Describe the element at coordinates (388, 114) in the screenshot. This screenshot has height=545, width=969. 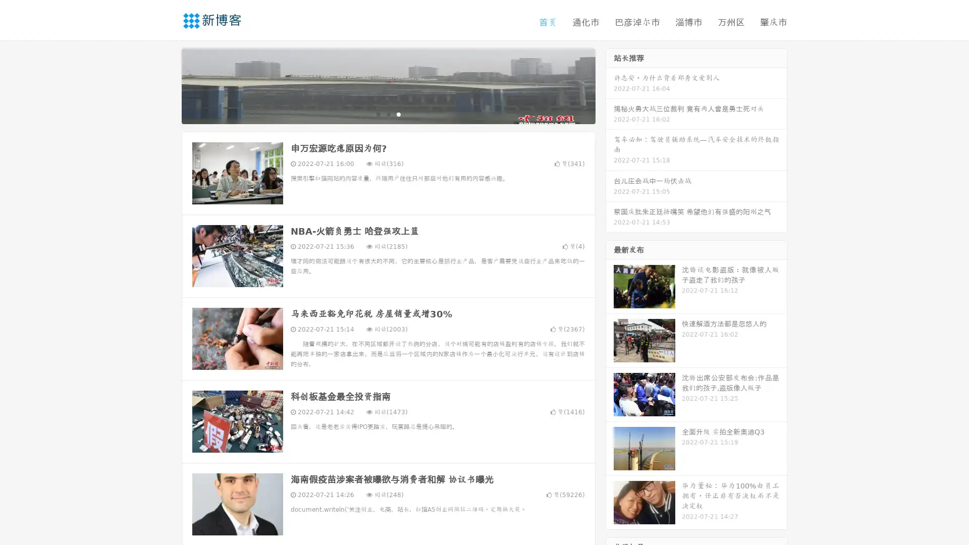
I see `Go to slide 2` at that location.